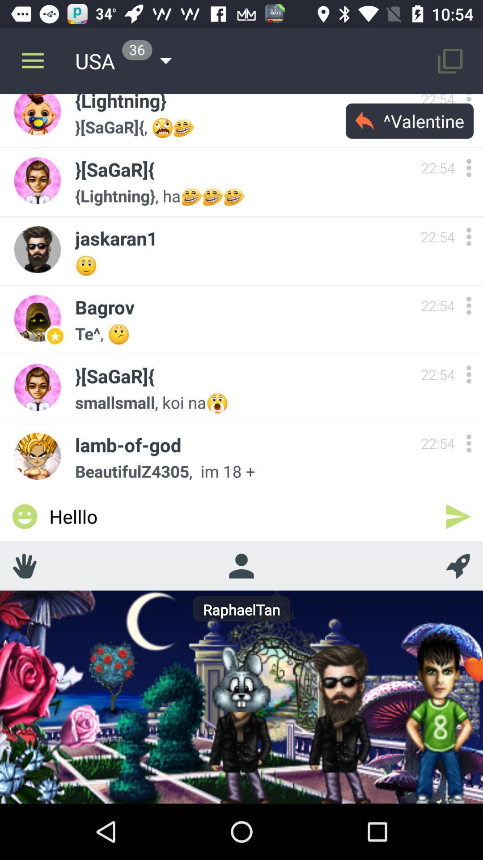 The width and height of the screenshot is (483, 860). I want to click on send a message, so click(458, 516).